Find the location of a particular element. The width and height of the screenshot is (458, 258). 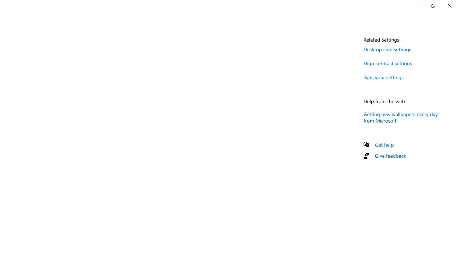

'Get help' is located at coordinates (384, 144).